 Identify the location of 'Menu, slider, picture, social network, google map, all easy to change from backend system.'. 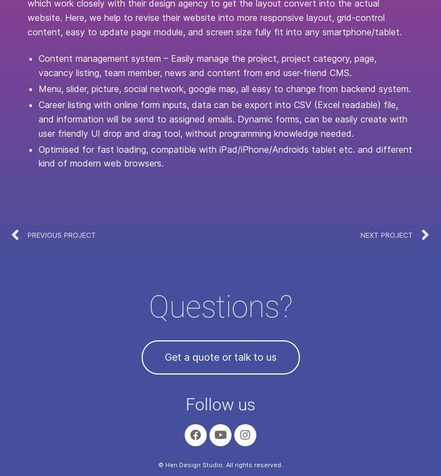
(224, 88).